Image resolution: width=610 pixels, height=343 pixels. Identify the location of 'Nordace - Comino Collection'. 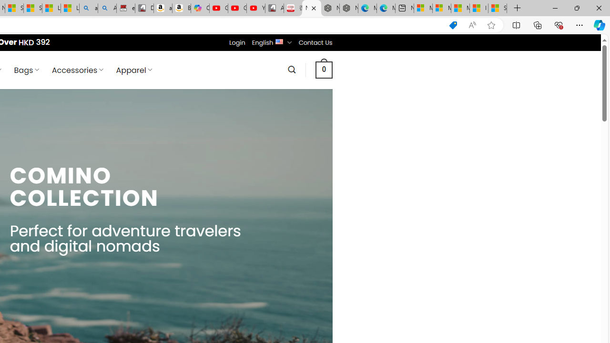
(312, 8).